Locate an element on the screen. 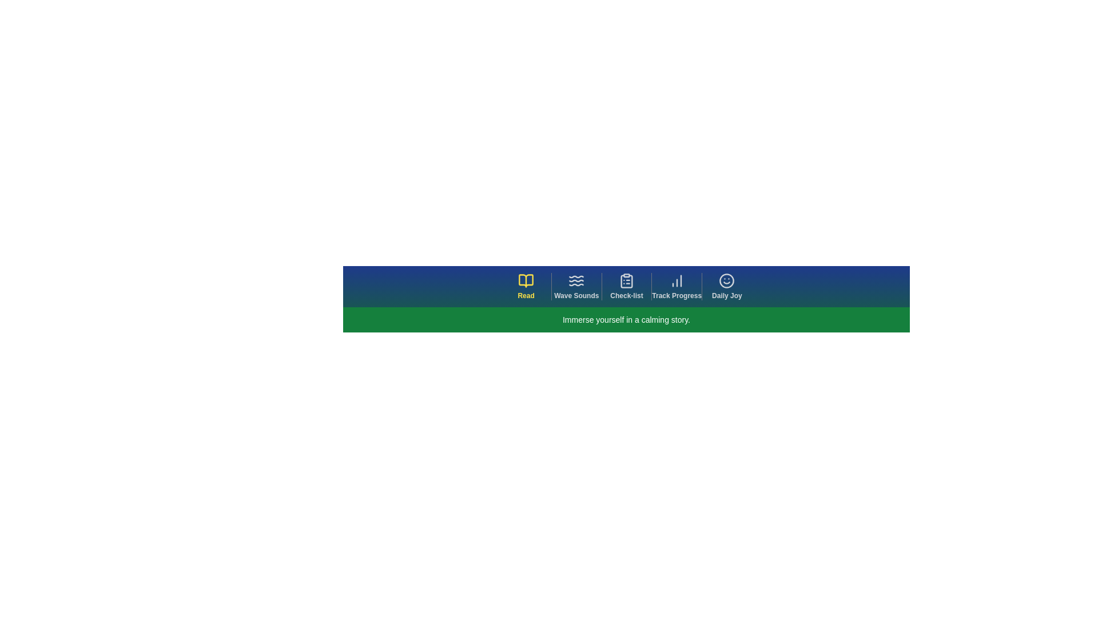 The height and width of the screenshot is (618, 1098). the navigation tab labeled Daily Joy is located at coordinates (726, 286).